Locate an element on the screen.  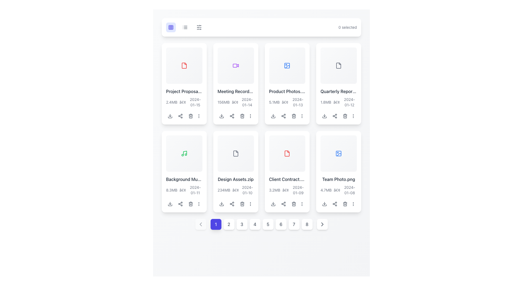
the leftmost pagination button which allows the user to navigate to the previous page is located at coordinates (200, 224).